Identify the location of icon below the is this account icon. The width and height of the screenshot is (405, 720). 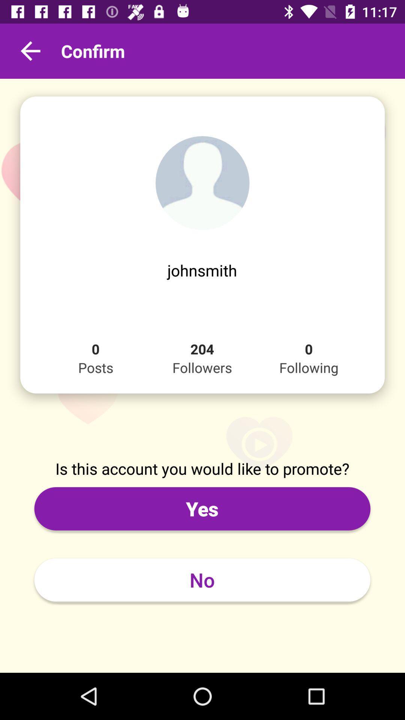
(202, 508).